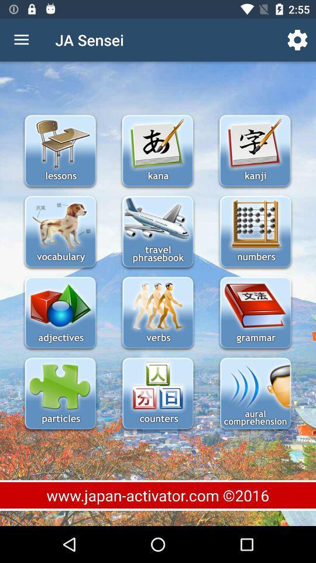  I want to click on travel phrasebook option, so click(157, 232).